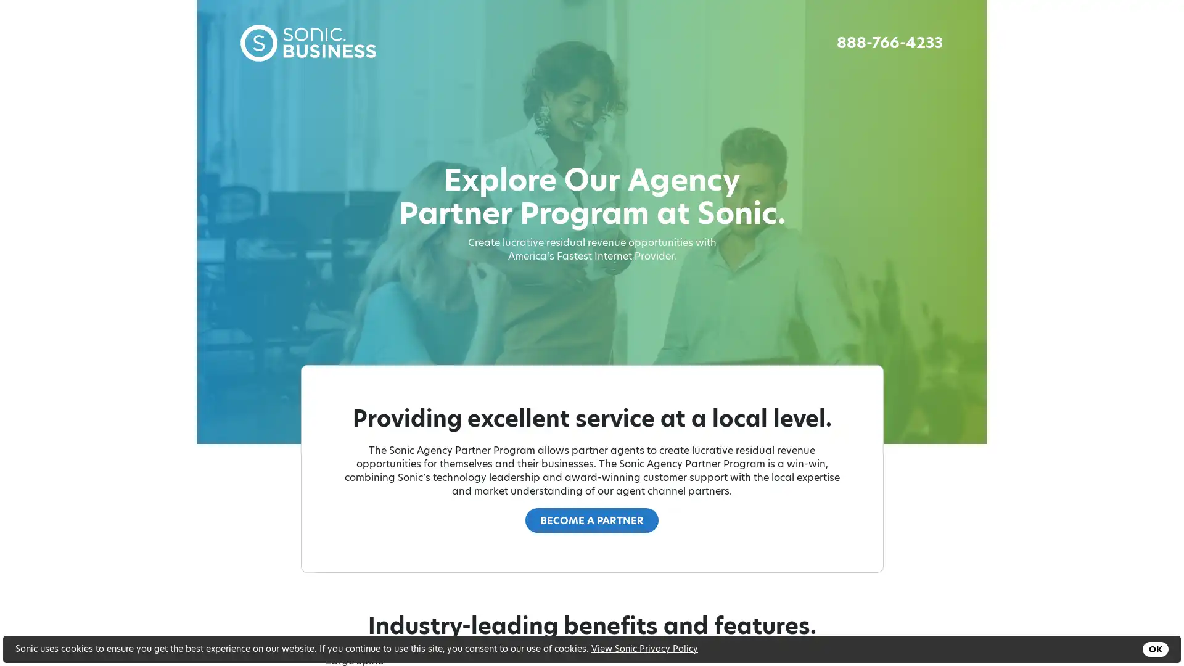 The width and height of the screenshot is (1184, 666). I want to click on OK, so click(1154, 649).